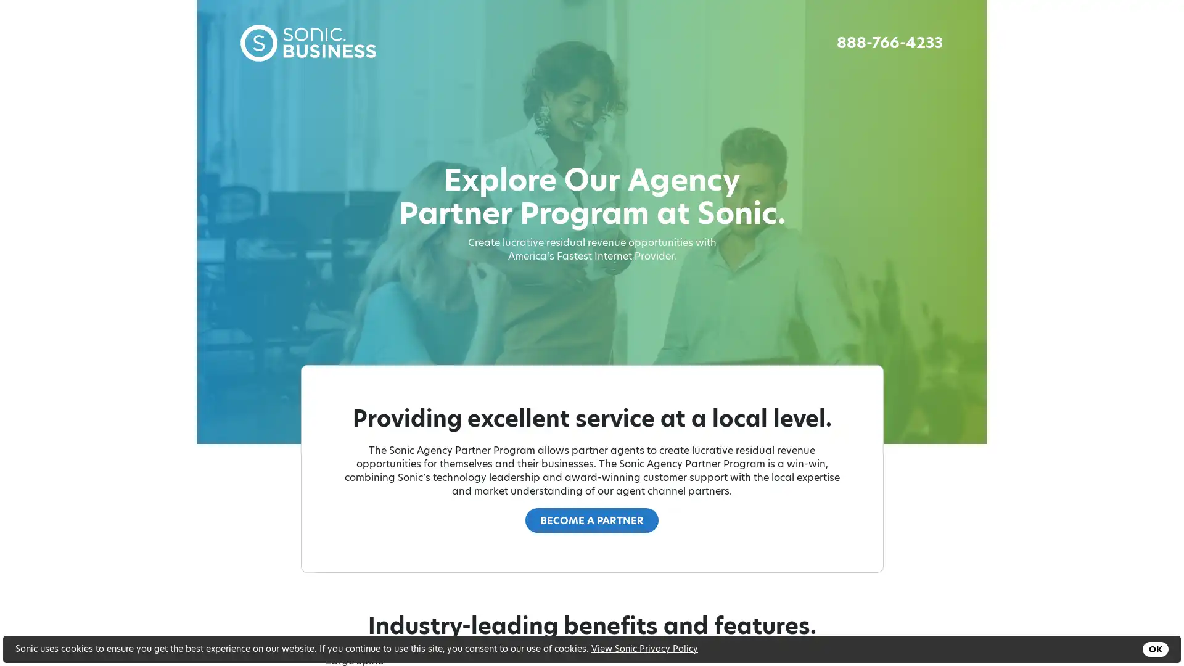 The width and height of the screenshot is (1184, 666). I want to click on OK, so click(1154, 649).